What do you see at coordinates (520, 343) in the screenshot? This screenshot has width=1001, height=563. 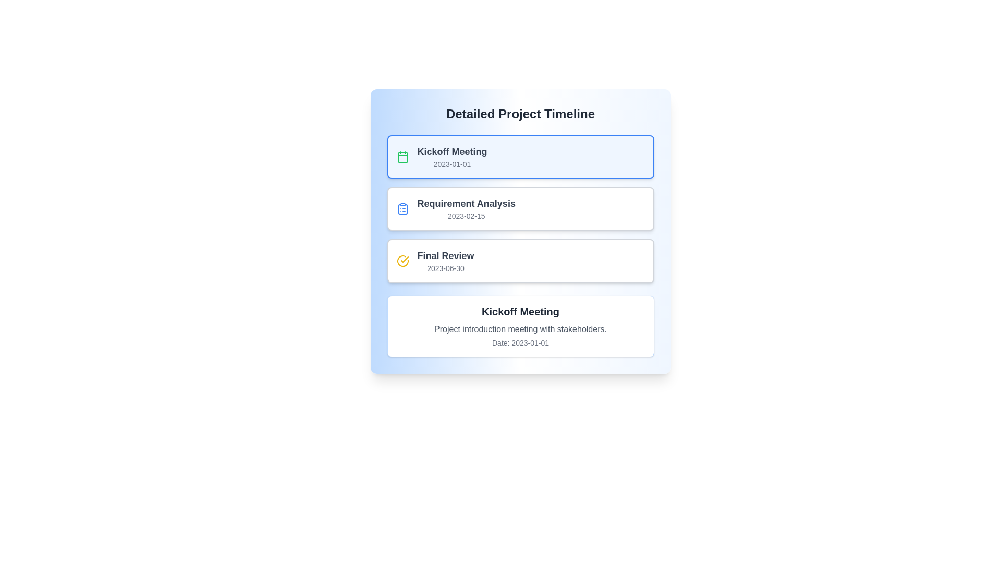 I see `the Text Label element displaying 'Date: 2023-01-01', located beneath the title 'Kickoff Meeting' and the description text, at the lower end of the card layout` at bounding box center [520, 343].